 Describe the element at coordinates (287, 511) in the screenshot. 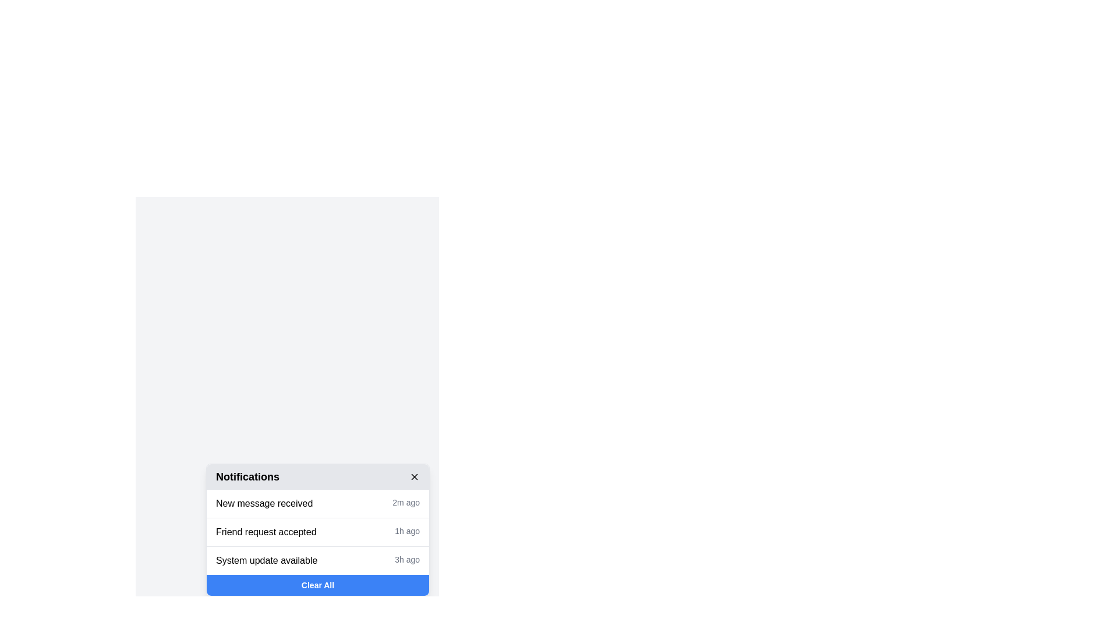

I see `the bell icon element, which is a white bell shape located centrally within a blue circular button in the notifications panel` at that location.